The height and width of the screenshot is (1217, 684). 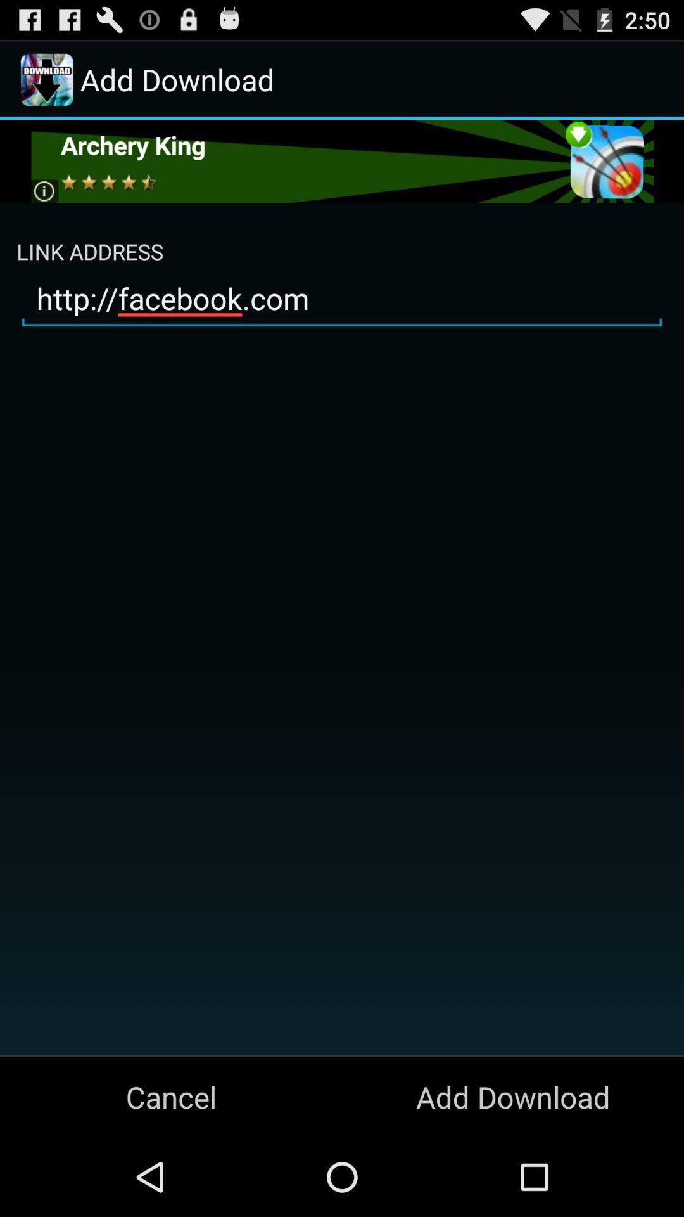 I want to click on open archery king, so click(x=341, y=160).